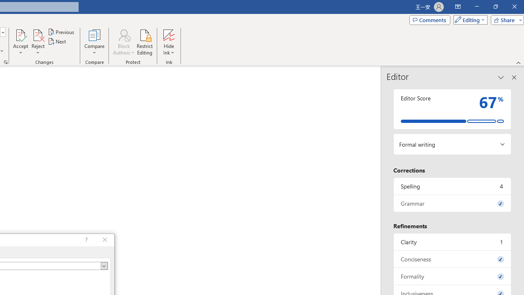 This screenshot has height=295, width=524. What do you see at coordinates (37, 34) in the screenshot?
I see `'Reject and Move to Next'` at bounding box center [37, 34].